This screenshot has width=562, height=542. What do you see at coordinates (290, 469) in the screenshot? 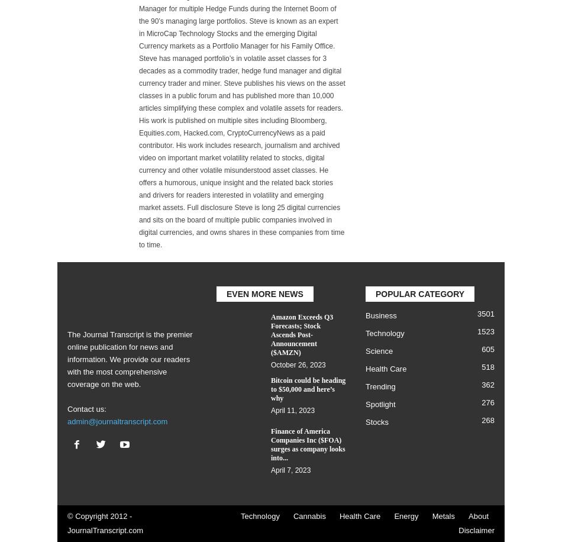
I see `'April 7, 2023'` at bounding box center [290, 469].